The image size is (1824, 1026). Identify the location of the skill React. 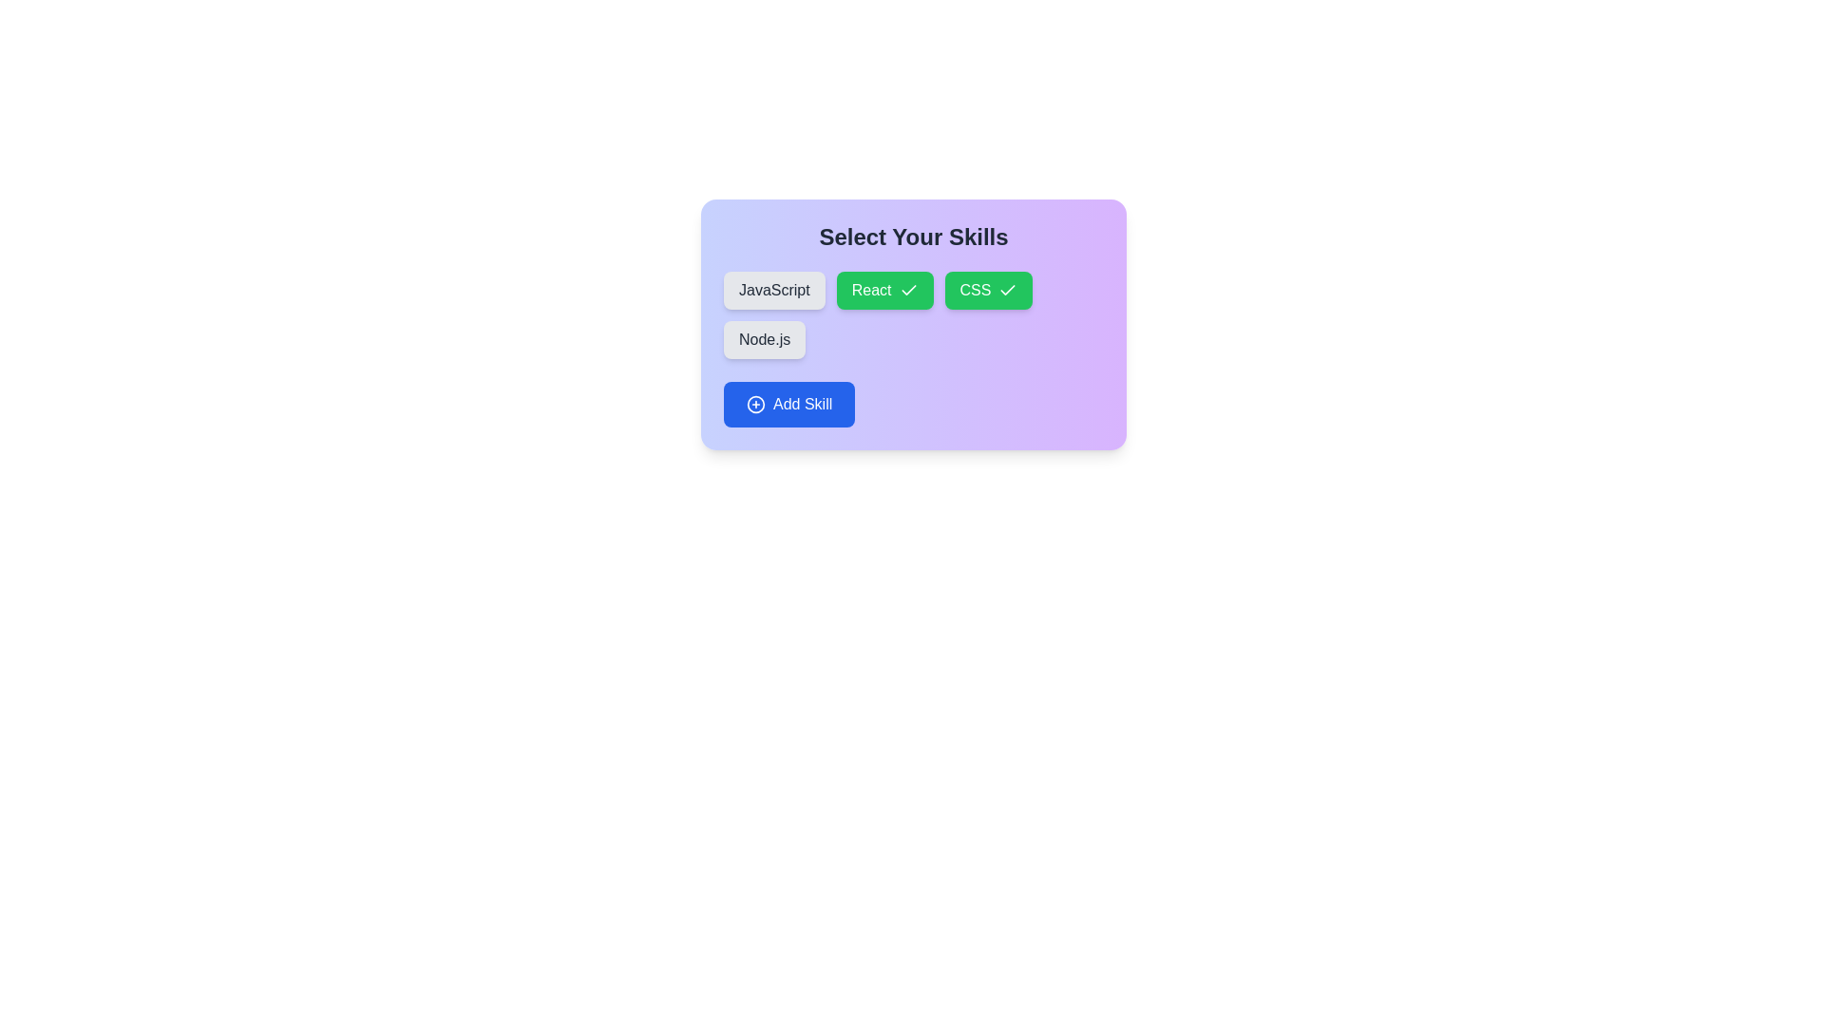
(883, 290).